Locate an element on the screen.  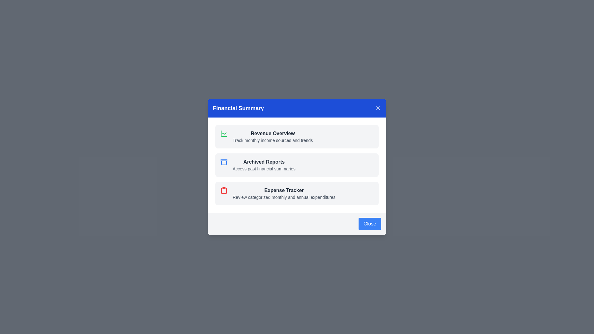
the 'Close' button to close the dialog is located at coordinates (370, 224).